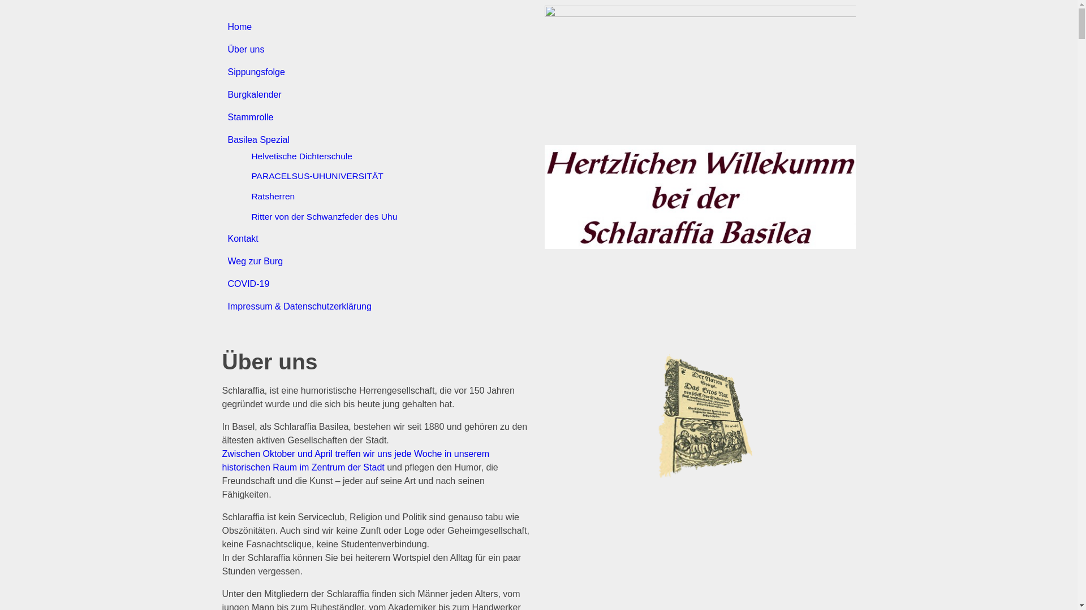 The image size is (1086, 610). I want to click on 'Stammrolle', so click(249, 117).